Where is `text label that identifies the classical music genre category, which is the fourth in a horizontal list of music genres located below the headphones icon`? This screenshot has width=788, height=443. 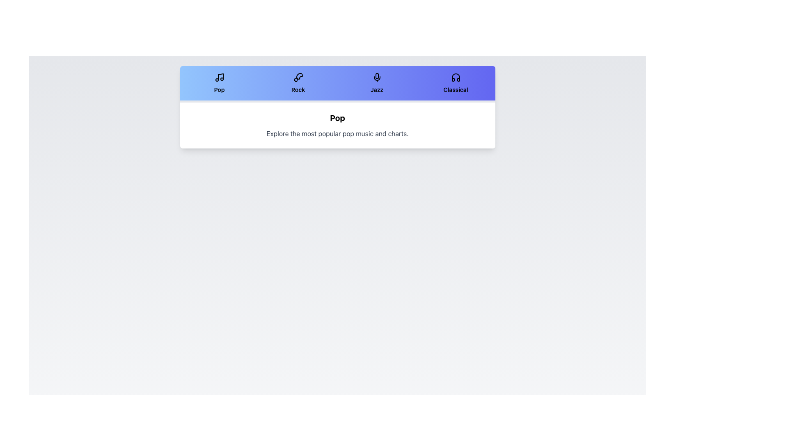 text label that identifies the classical music genre category, which is the fourth in a horizontal list of music genres located below the headphones icon is located at coordinates (455, 90).